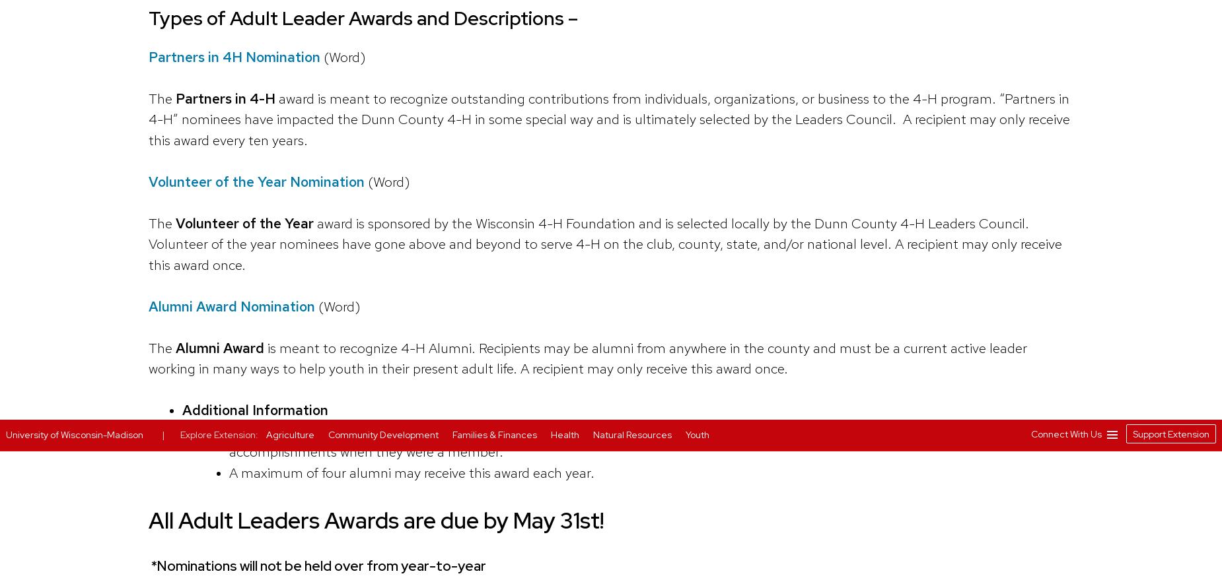 The width and height of the screenshot is (1222, 582). What do you see at coordinates (793, 51) in the screenshot?
I see `'© 2023 The Board of Regents of the University of Wisconsin System'` at bounding box center [793, 51].